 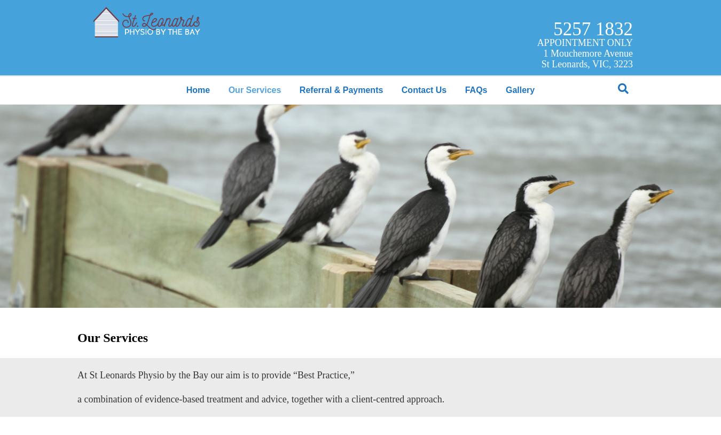 What do you see at coordinates (593, 28) in the screenshot?
I see `'5257 1832'` at bounding box center [593, 28].